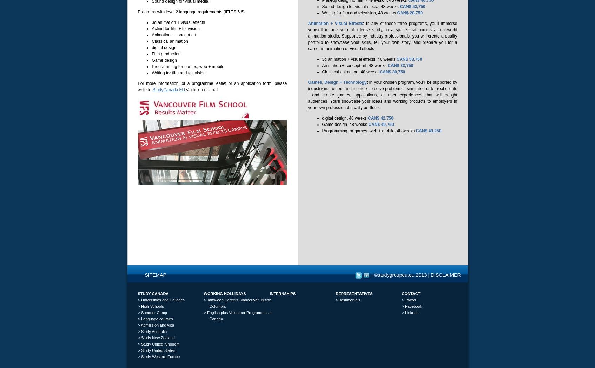 This screenshot has height=368, width=595. I want to click on 'Animation + Visual Effects', so click(335, 24).